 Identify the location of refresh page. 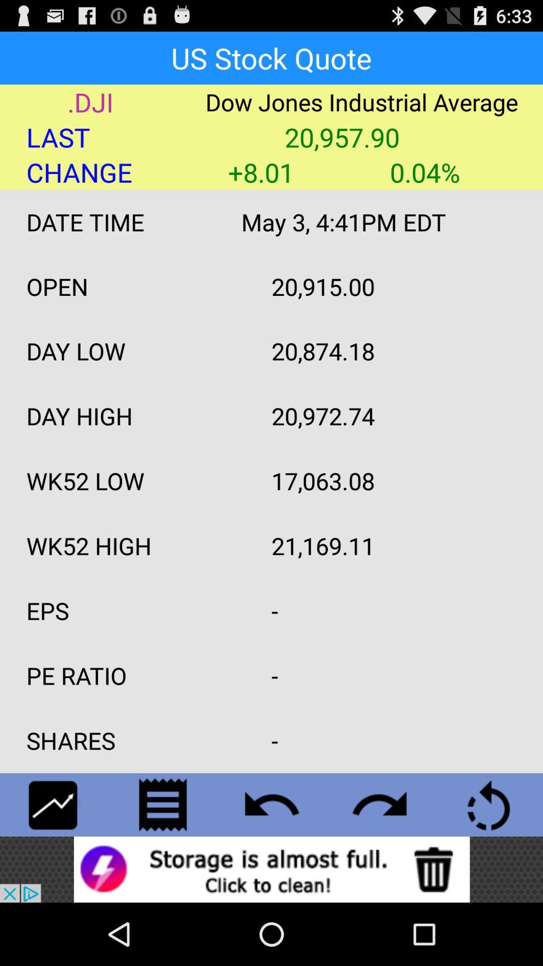
(488, 804).